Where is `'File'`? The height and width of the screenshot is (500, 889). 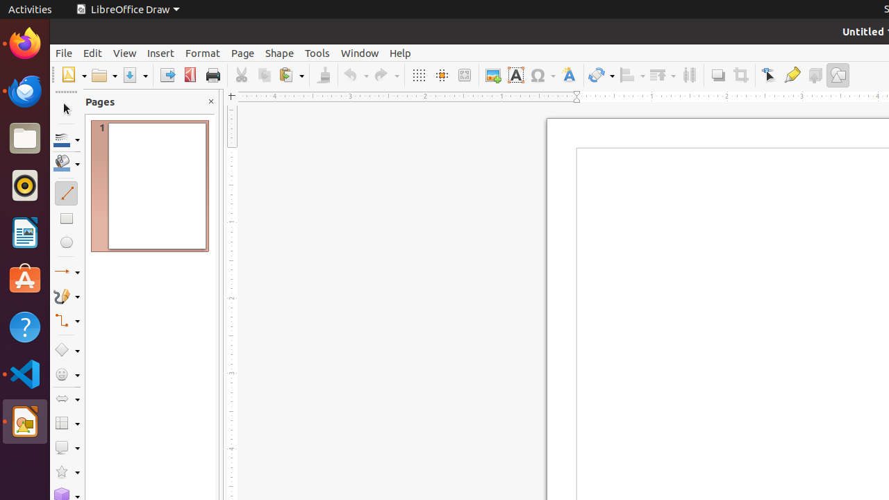 'File' is located at coordinates (63, 52).